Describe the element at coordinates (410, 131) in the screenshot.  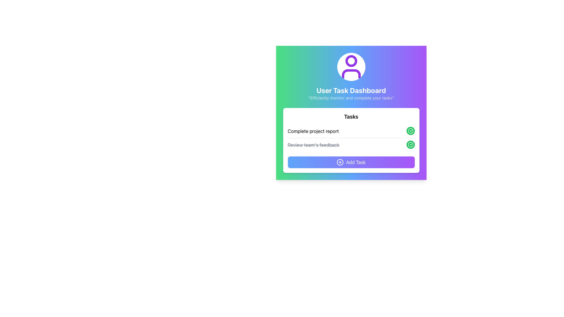
I see `the circular green button with a white checkmark icon located` at that location.